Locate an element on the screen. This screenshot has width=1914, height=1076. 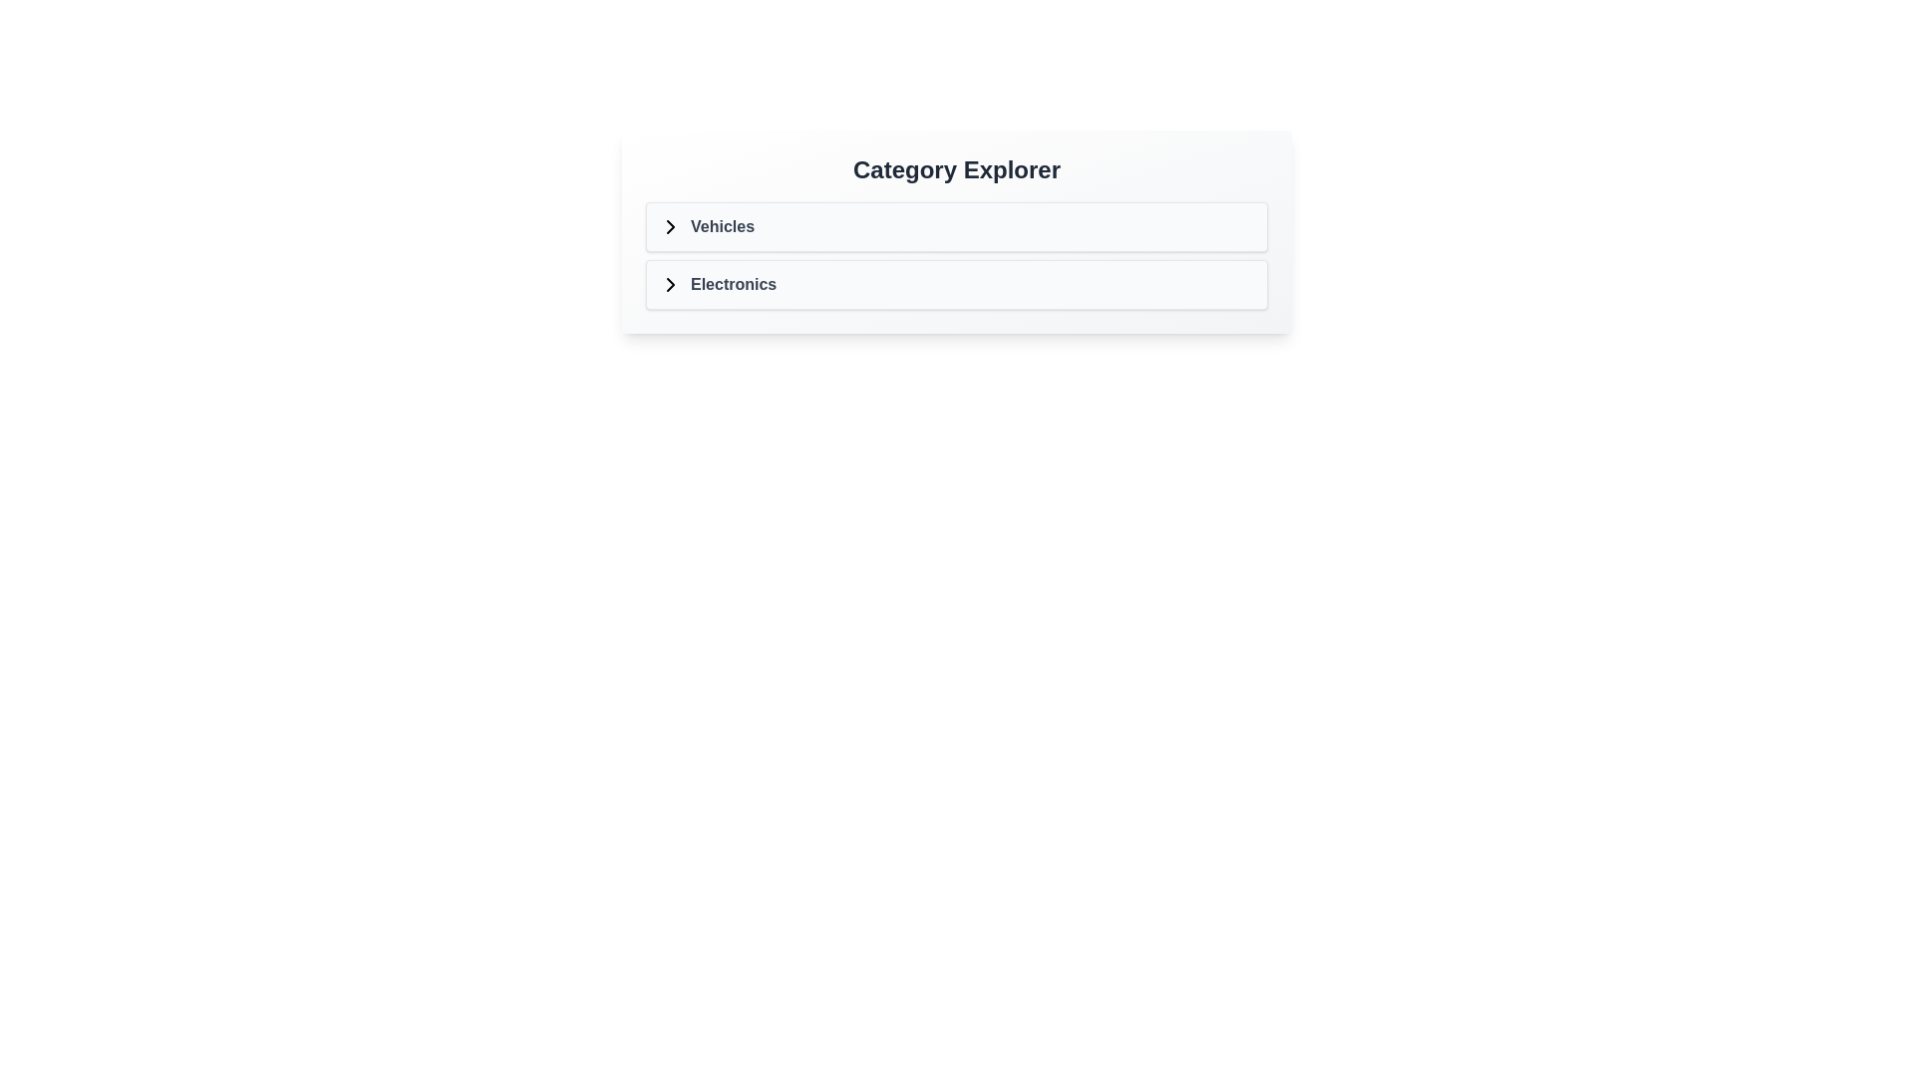
the topmost item in the 'Category Explorer' list labeled 'Vehicles' is located at coordinates (707, 225).